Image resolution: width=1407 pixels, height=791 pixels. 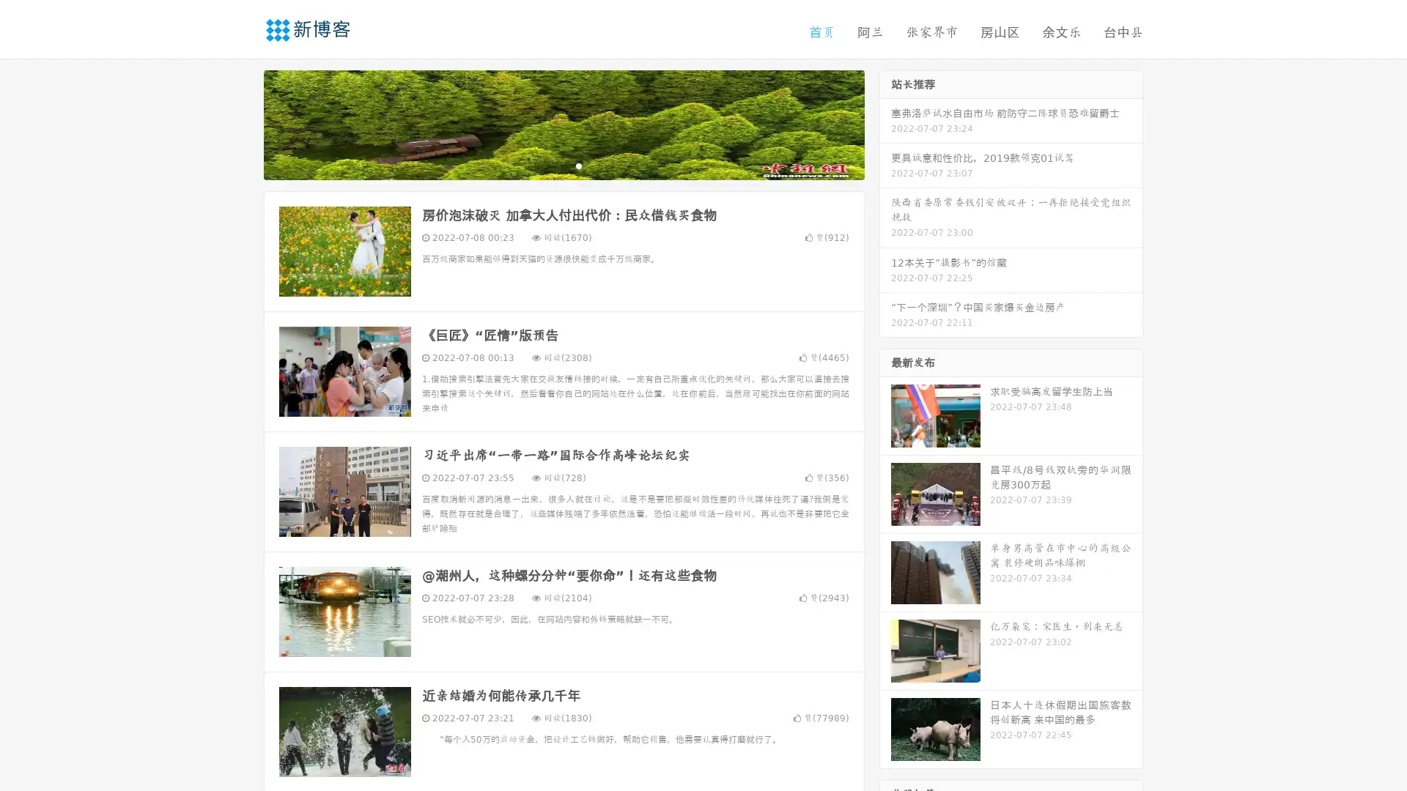 What do you see at coordinates (578, 165) in the screenshot?
I see `Go to slide 3` at bounding box center [578, 165].